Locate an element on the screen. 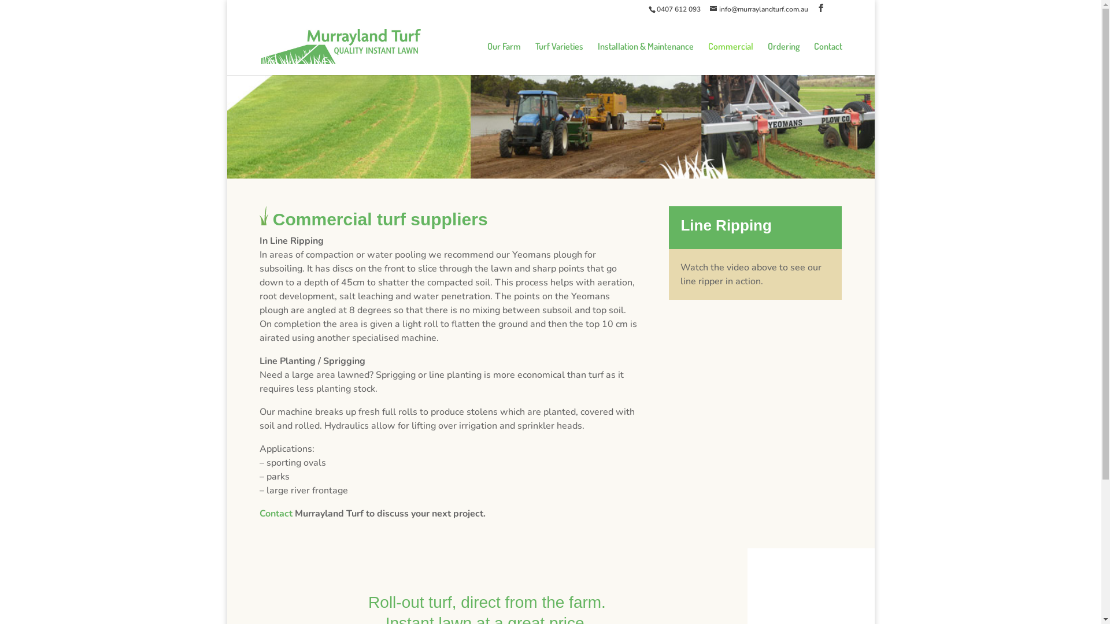  'Commercial' is located at coordinates (707, 58).